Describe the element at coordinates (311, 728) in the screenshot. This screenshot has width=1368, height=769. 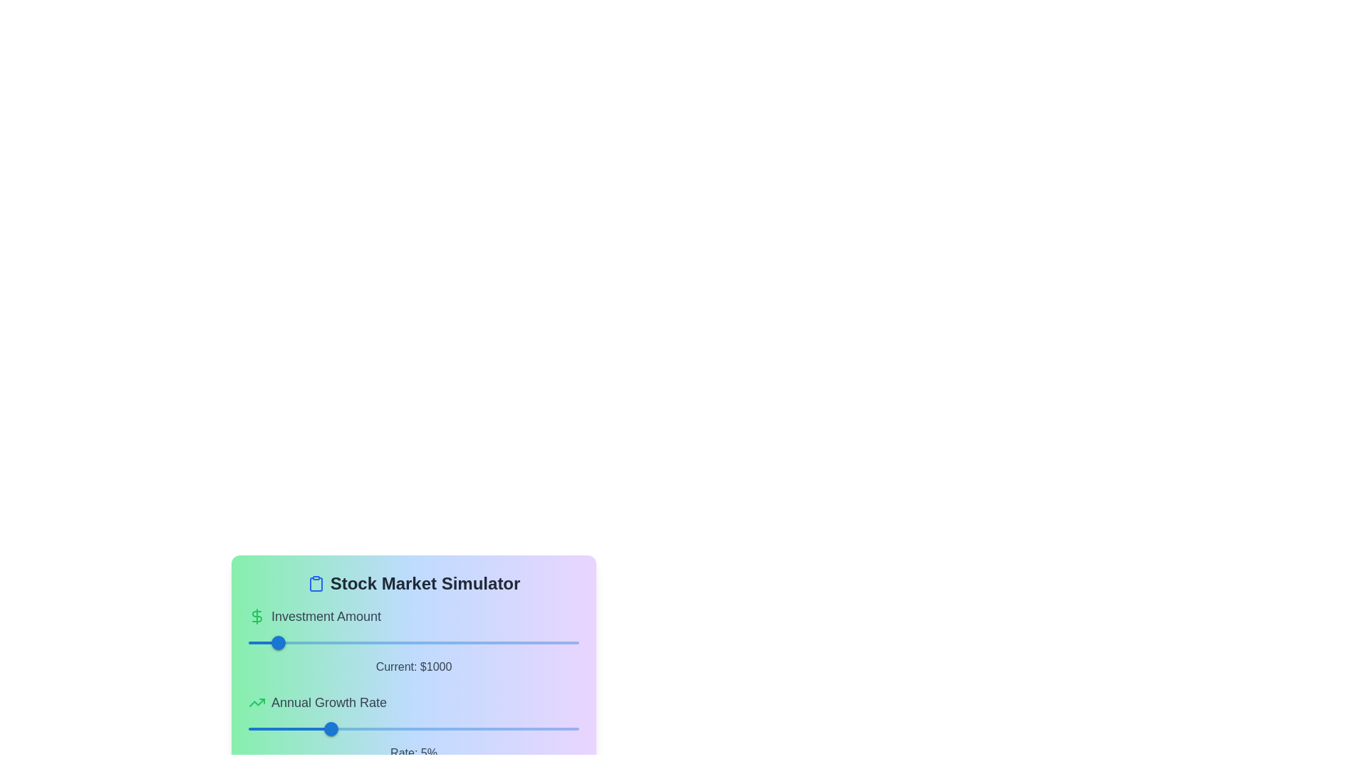
I see `the annual growth rate` at that location.